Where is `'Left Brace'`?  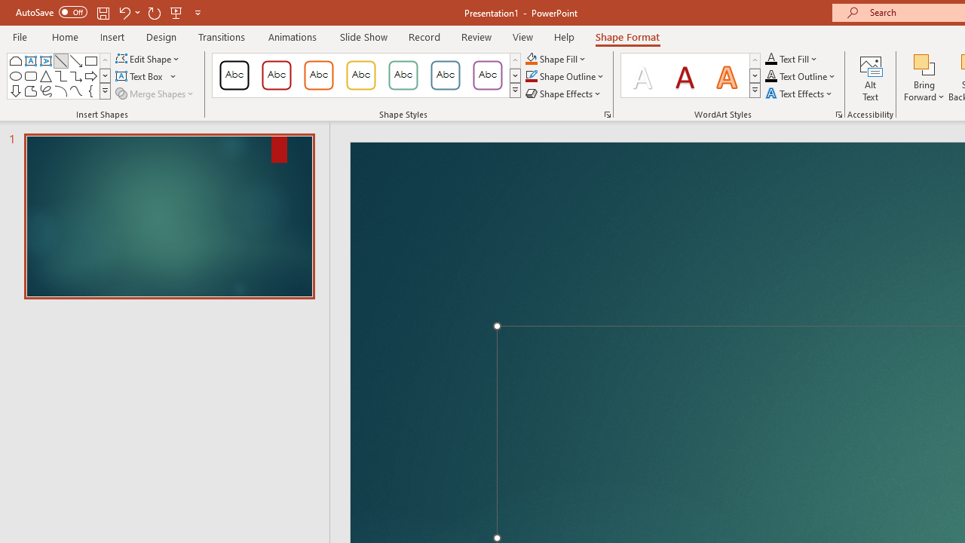
'Left Brace' is located at coordinates (90, 90).